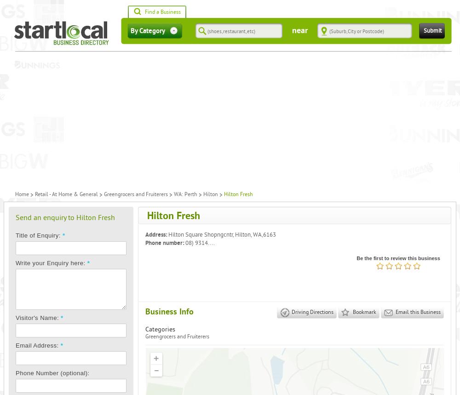  I want to click on 'Title of Enquiry:', so click(16, 235).